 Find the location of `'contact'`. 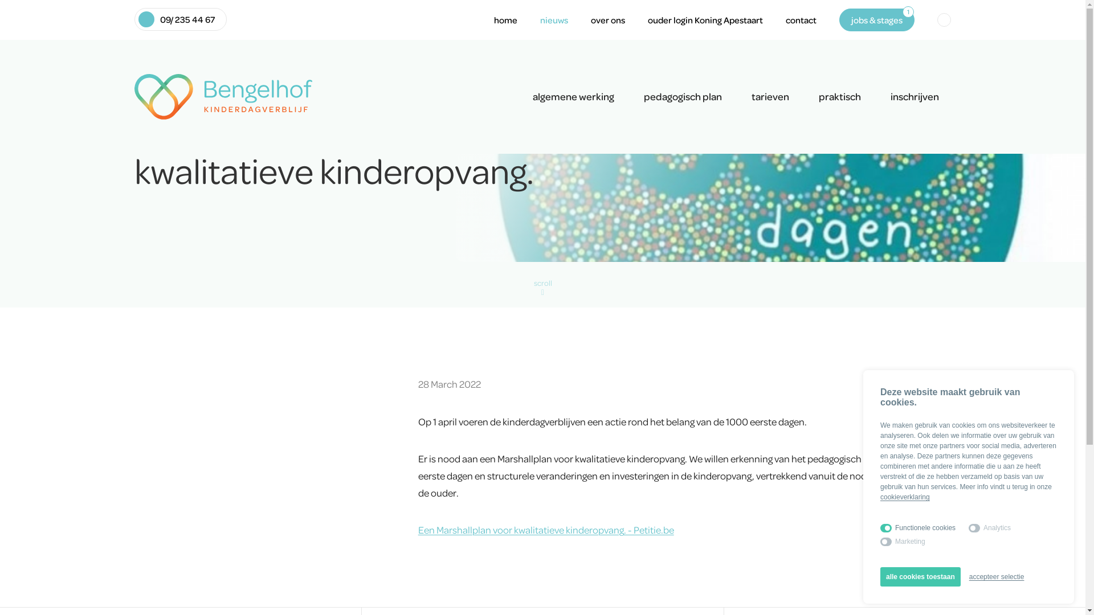

'contact' is located at coordinates (785, 19).